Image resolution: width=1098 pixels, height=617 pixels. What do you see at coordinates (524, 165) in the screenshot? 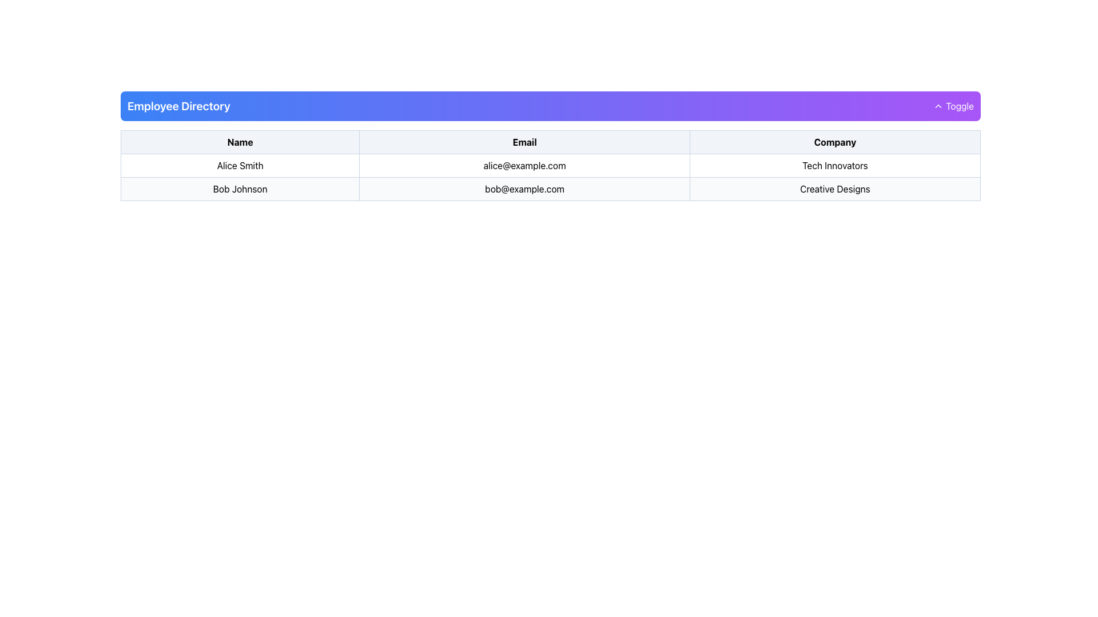
I see `the text element displaying the email address of Alice Smith` at bounding box center [524, 165].